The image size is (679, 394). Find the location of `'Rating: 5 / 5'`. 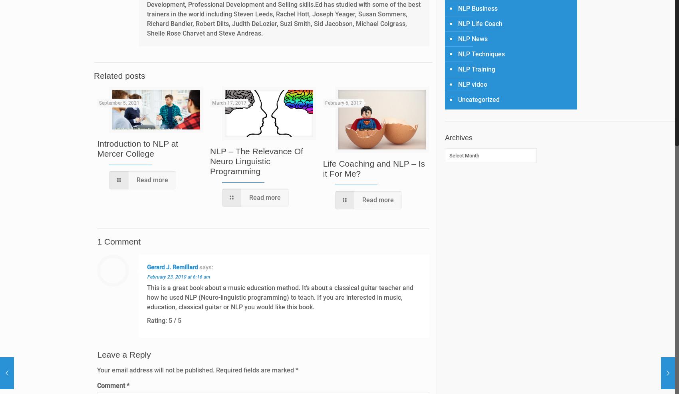

'Rating: 5 / 5' is located at coordinates (164, 320).